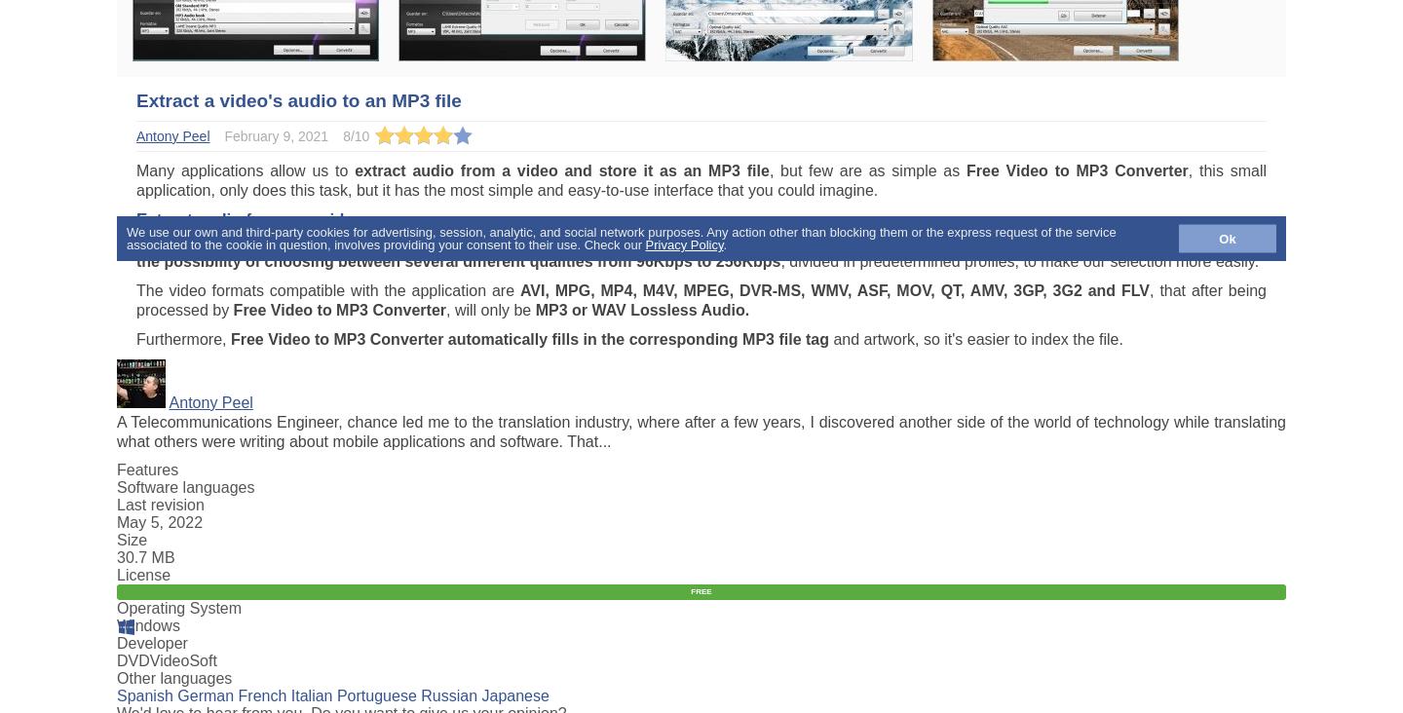  I want to click on 'automatically fills in the corresponding MP3 file tag', so click(637, 339).